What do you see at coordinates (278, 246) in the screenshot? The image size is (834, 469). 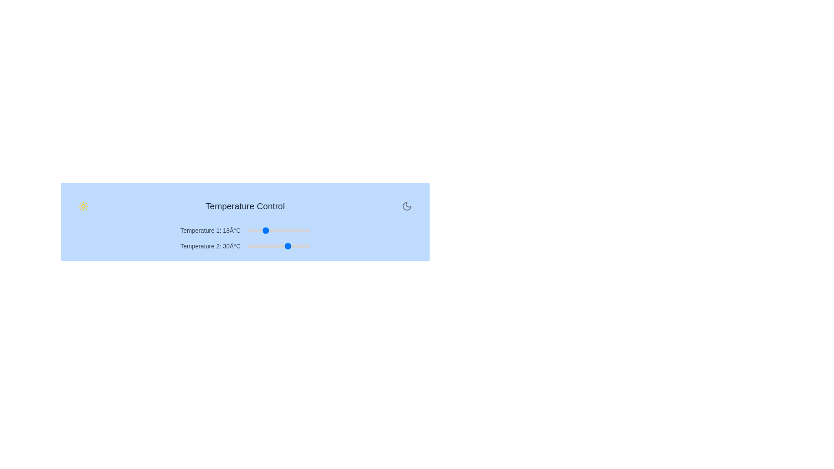 I see `the range slider bar associated with 'Temperature 2: 30°C' to move the knob for adjusting the temperature setting` at bounding box center [278, 246].